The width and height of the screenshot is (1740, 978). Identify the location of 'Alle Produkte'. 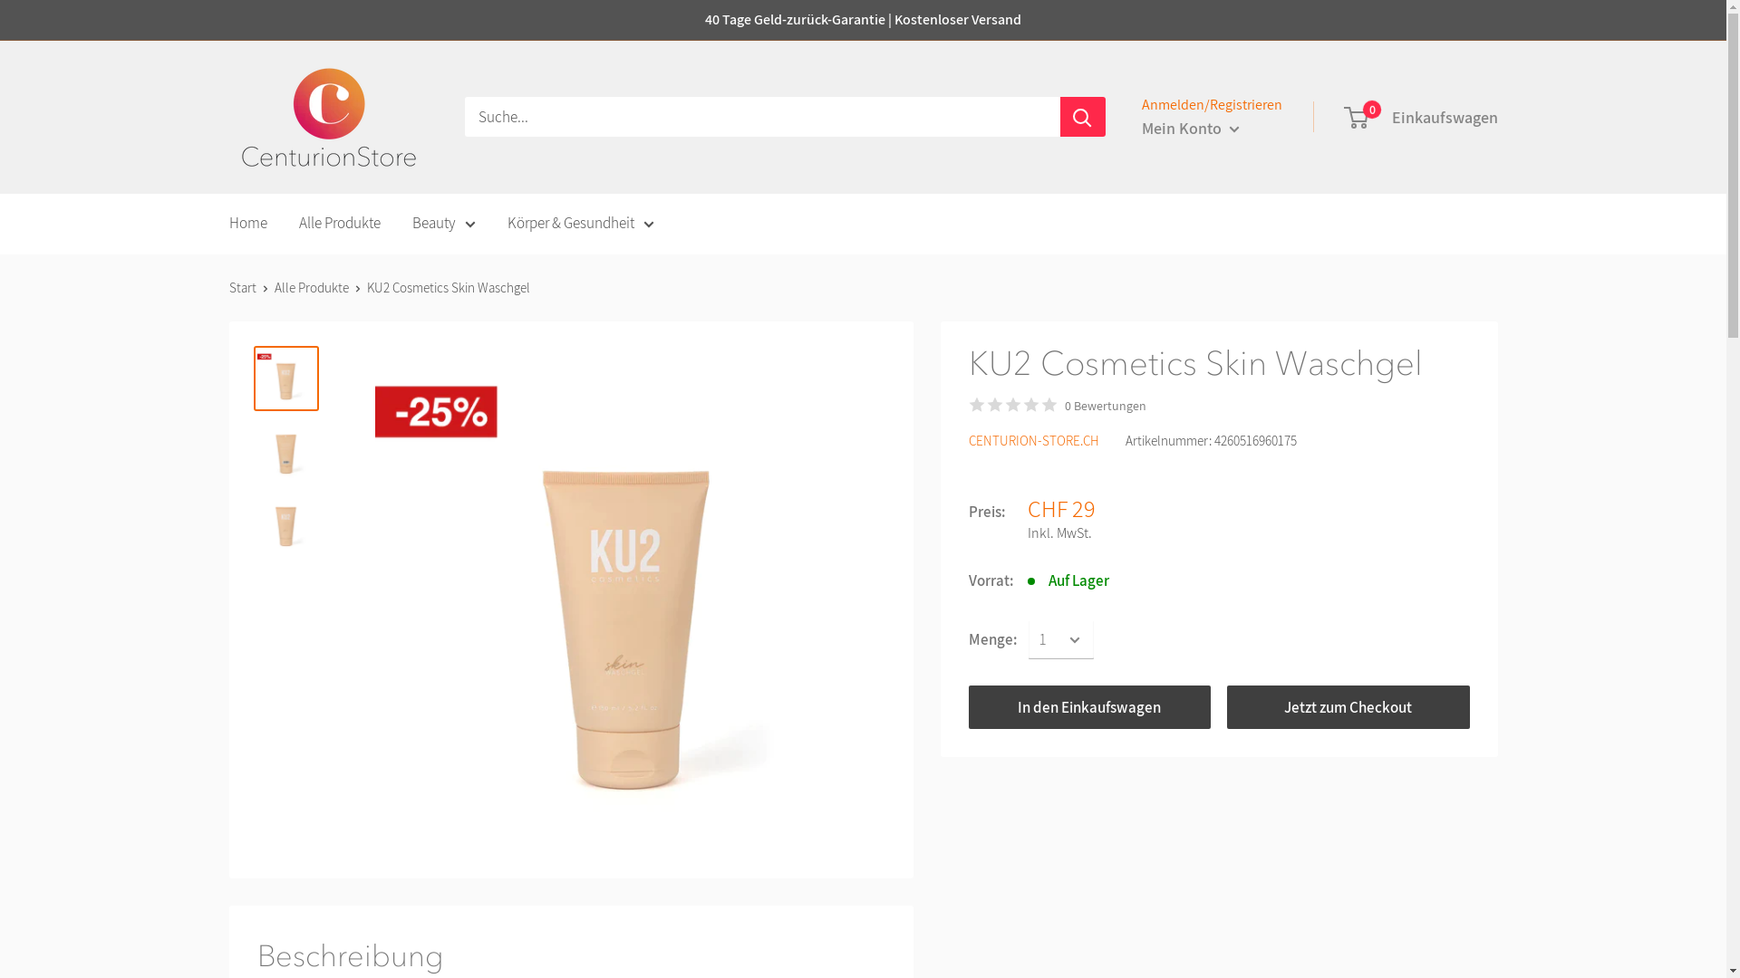
(339, 222).